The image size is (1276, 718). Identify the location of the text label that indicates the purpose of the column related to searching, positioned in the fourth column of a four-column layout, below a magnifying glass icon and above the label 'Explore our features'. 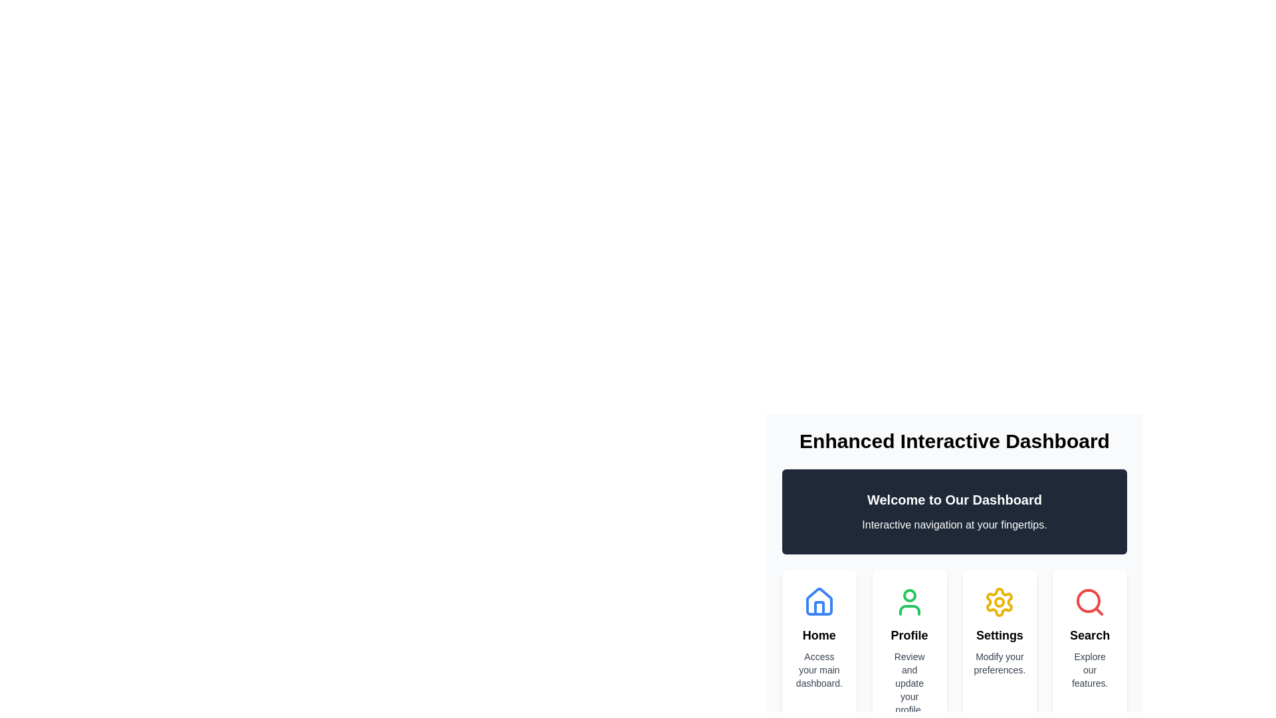
(1090, 635).